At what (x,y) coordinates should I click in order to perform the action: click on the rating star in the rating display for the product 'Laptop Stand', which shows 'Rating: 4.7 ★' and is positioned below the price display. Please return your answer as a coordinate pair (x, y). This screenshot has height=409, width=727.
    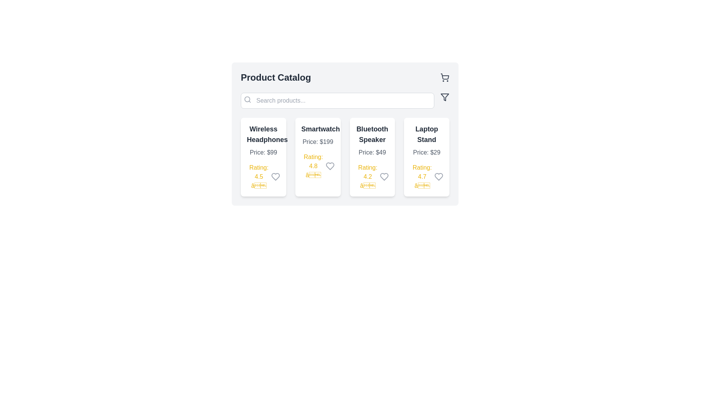
    Looking at the image, I should click on (427, 176).